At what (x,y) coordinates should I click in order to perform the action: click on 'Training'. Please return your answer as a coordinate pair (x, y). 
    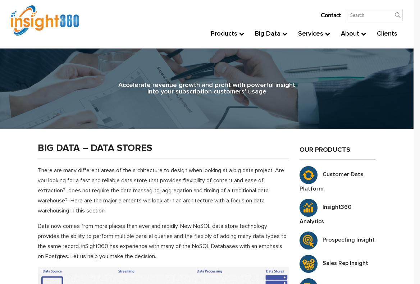
    Looking at the image, I should click on (308, 154).